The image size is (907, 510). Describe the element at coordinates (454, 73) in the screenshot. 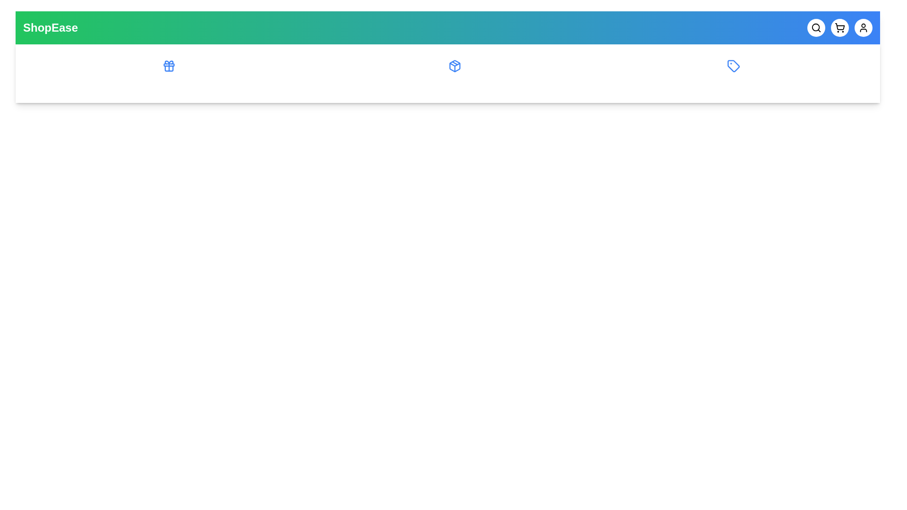

I see `the 'New Arrivals' button to explore newly added products` at that location.